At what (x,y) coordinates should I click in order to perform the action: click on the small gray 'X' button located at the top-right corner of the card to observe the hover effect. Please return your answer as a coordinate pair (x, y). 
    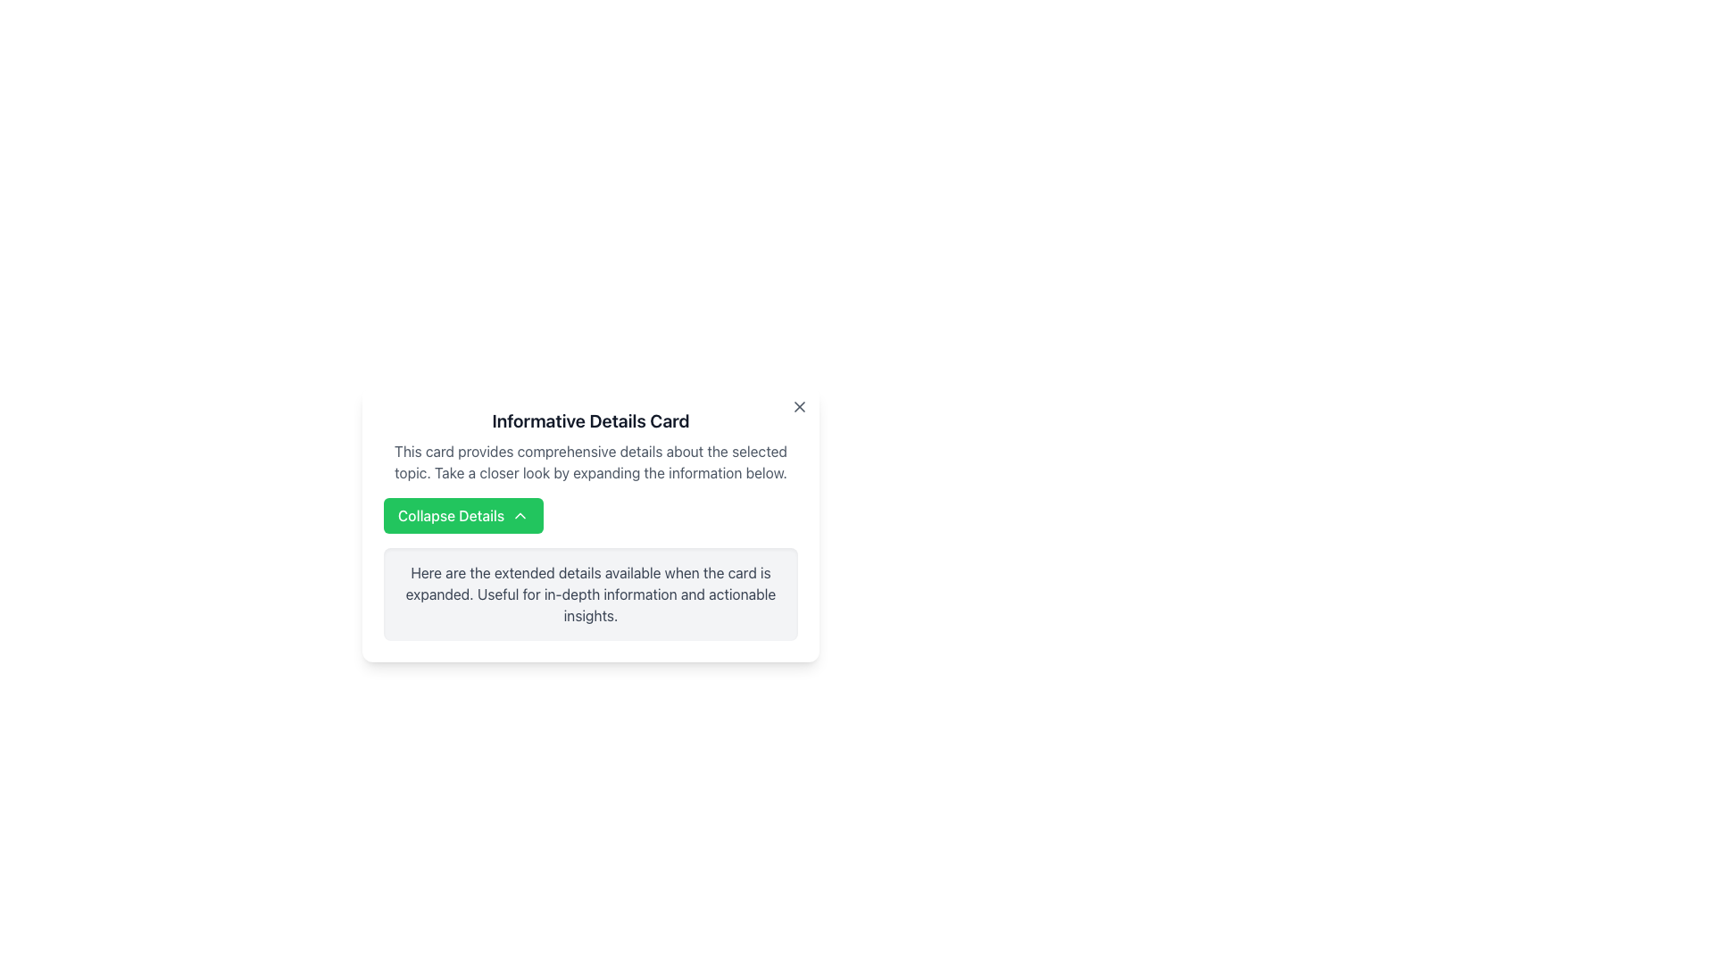
    Looking at the image, I should click on (799, 406).